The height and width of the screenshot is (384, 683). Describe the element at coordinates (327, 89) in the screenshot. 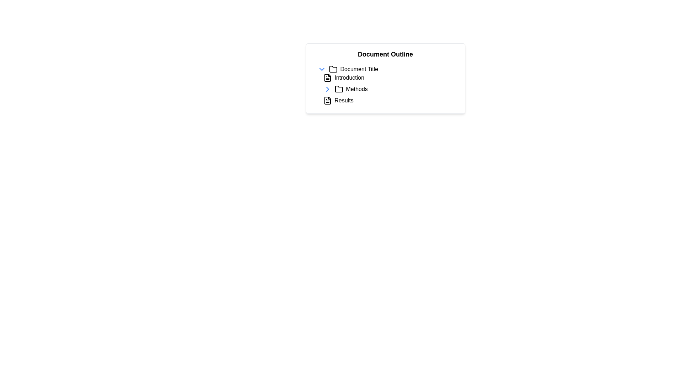

I see `the Chevron icon located in the top-left section of the document outline interface` at that location.